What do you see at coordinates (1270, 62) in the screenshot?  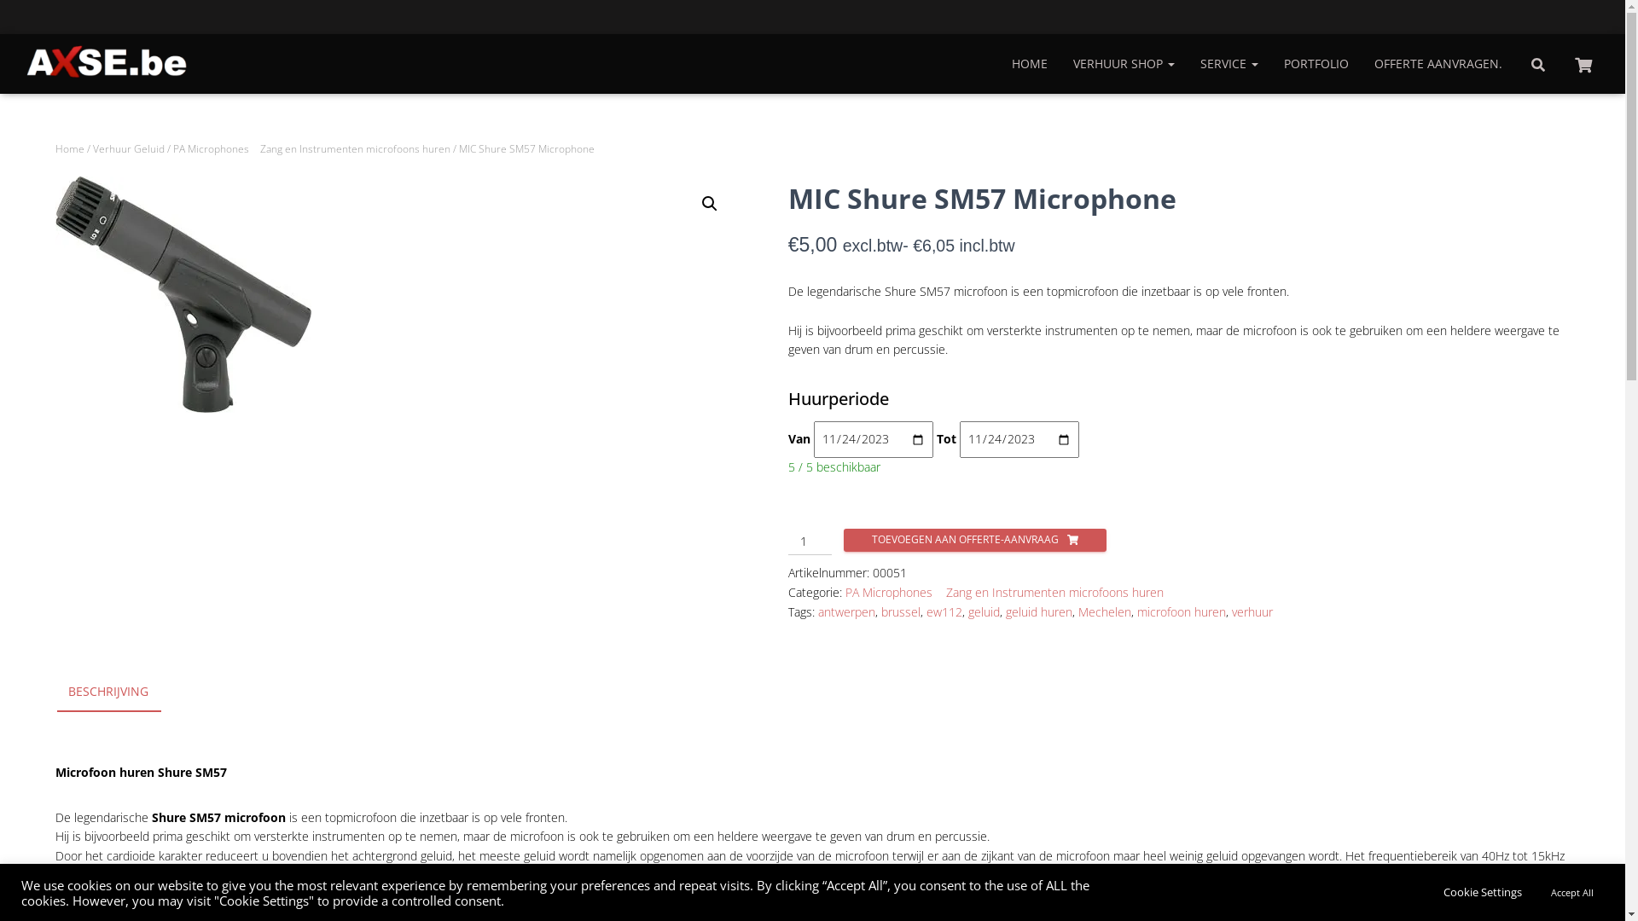 I see `'PORTFOLIO'` at bounding box center [1270, 62].